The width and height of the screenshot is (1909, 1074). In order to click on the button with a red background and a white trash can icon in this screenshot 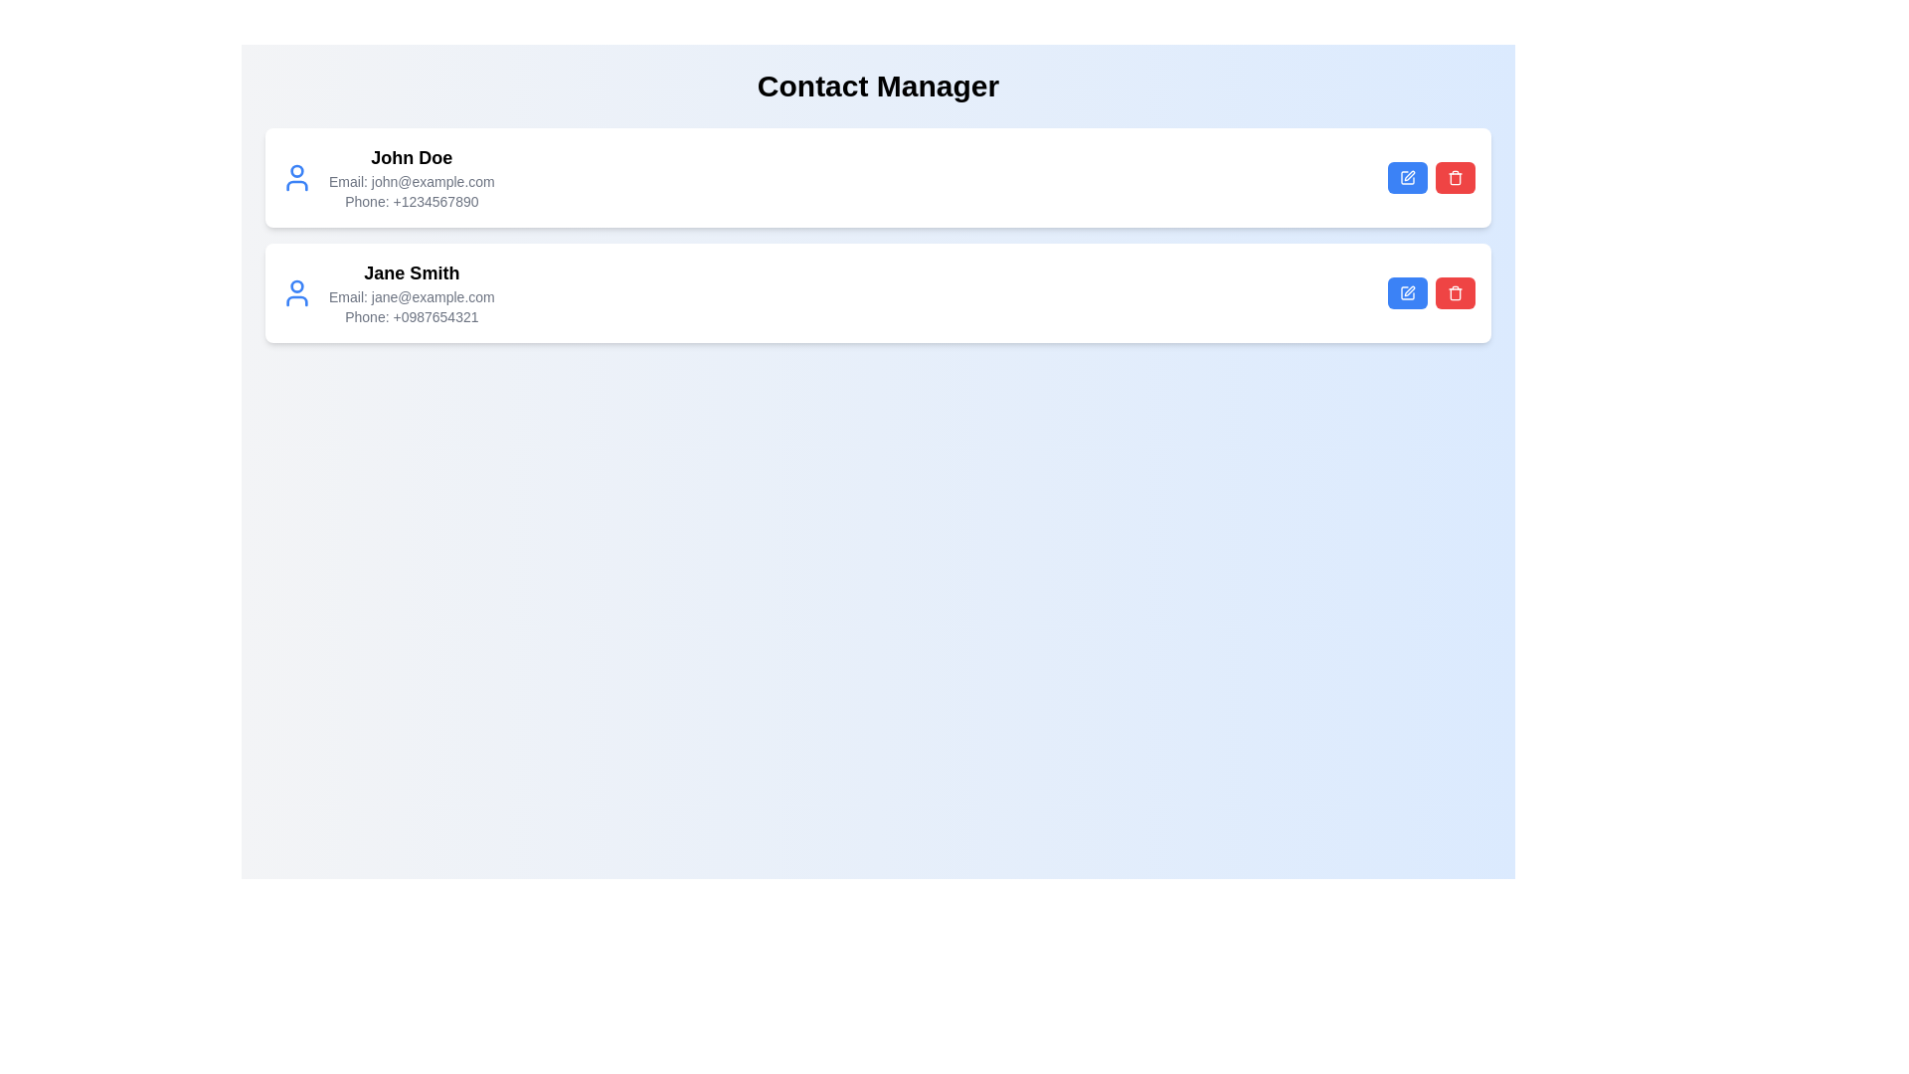, I will do `click(1456, 176)`.